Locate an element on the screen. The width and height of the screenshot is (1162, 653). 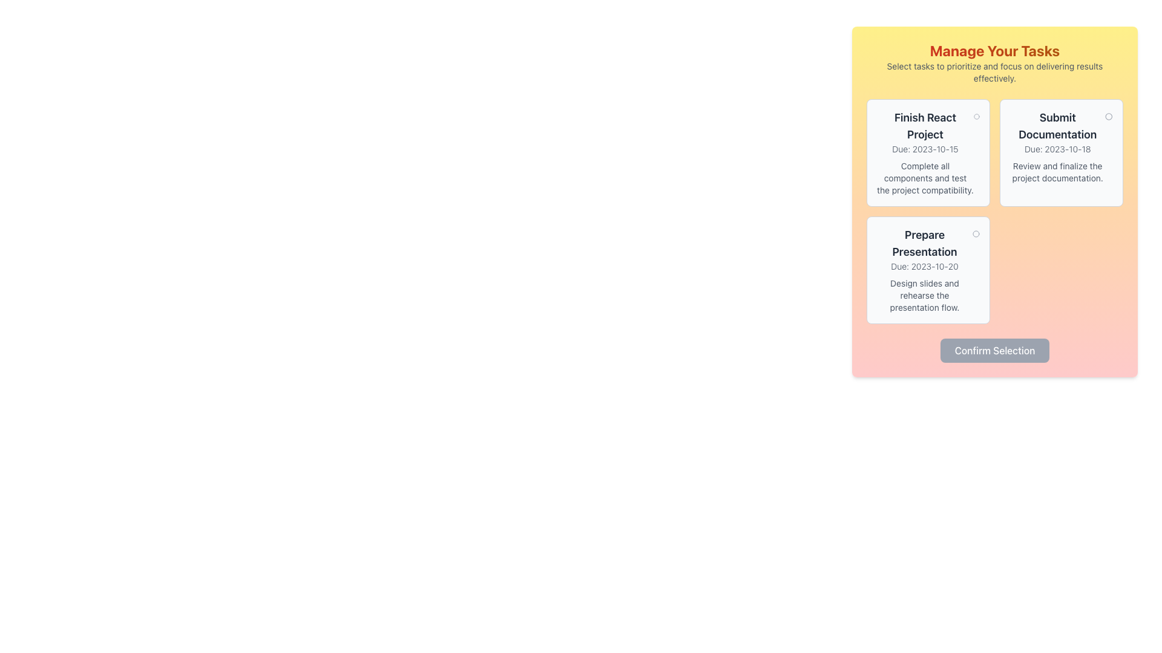
text label displaying 'Due: 2023-10-20' located below the task title 'Prepare Presentation' in the bottom-left card of the 2x2 grid layout is located at coordinates (924, 265).